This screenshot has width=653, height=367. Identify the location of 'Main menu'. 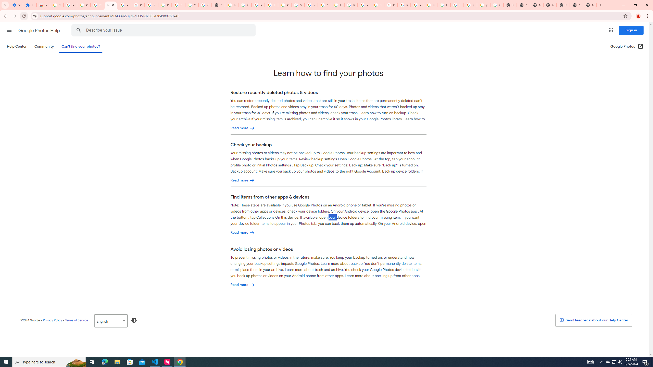
(9, 30).